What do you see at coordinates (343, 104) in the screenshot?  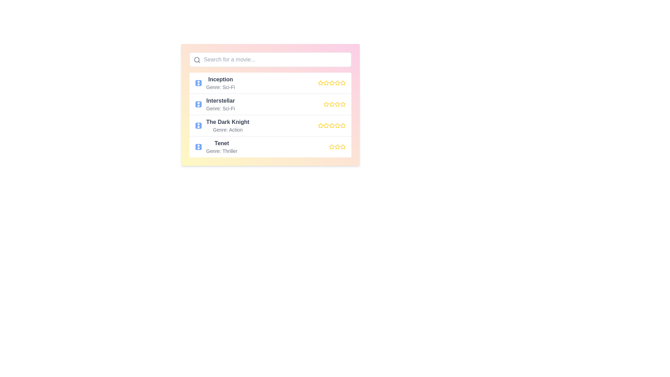 I see `the fifth star in the rating row adjacent to the movie title 'Interstellar' to rate it` at bounding box center [343, 104].